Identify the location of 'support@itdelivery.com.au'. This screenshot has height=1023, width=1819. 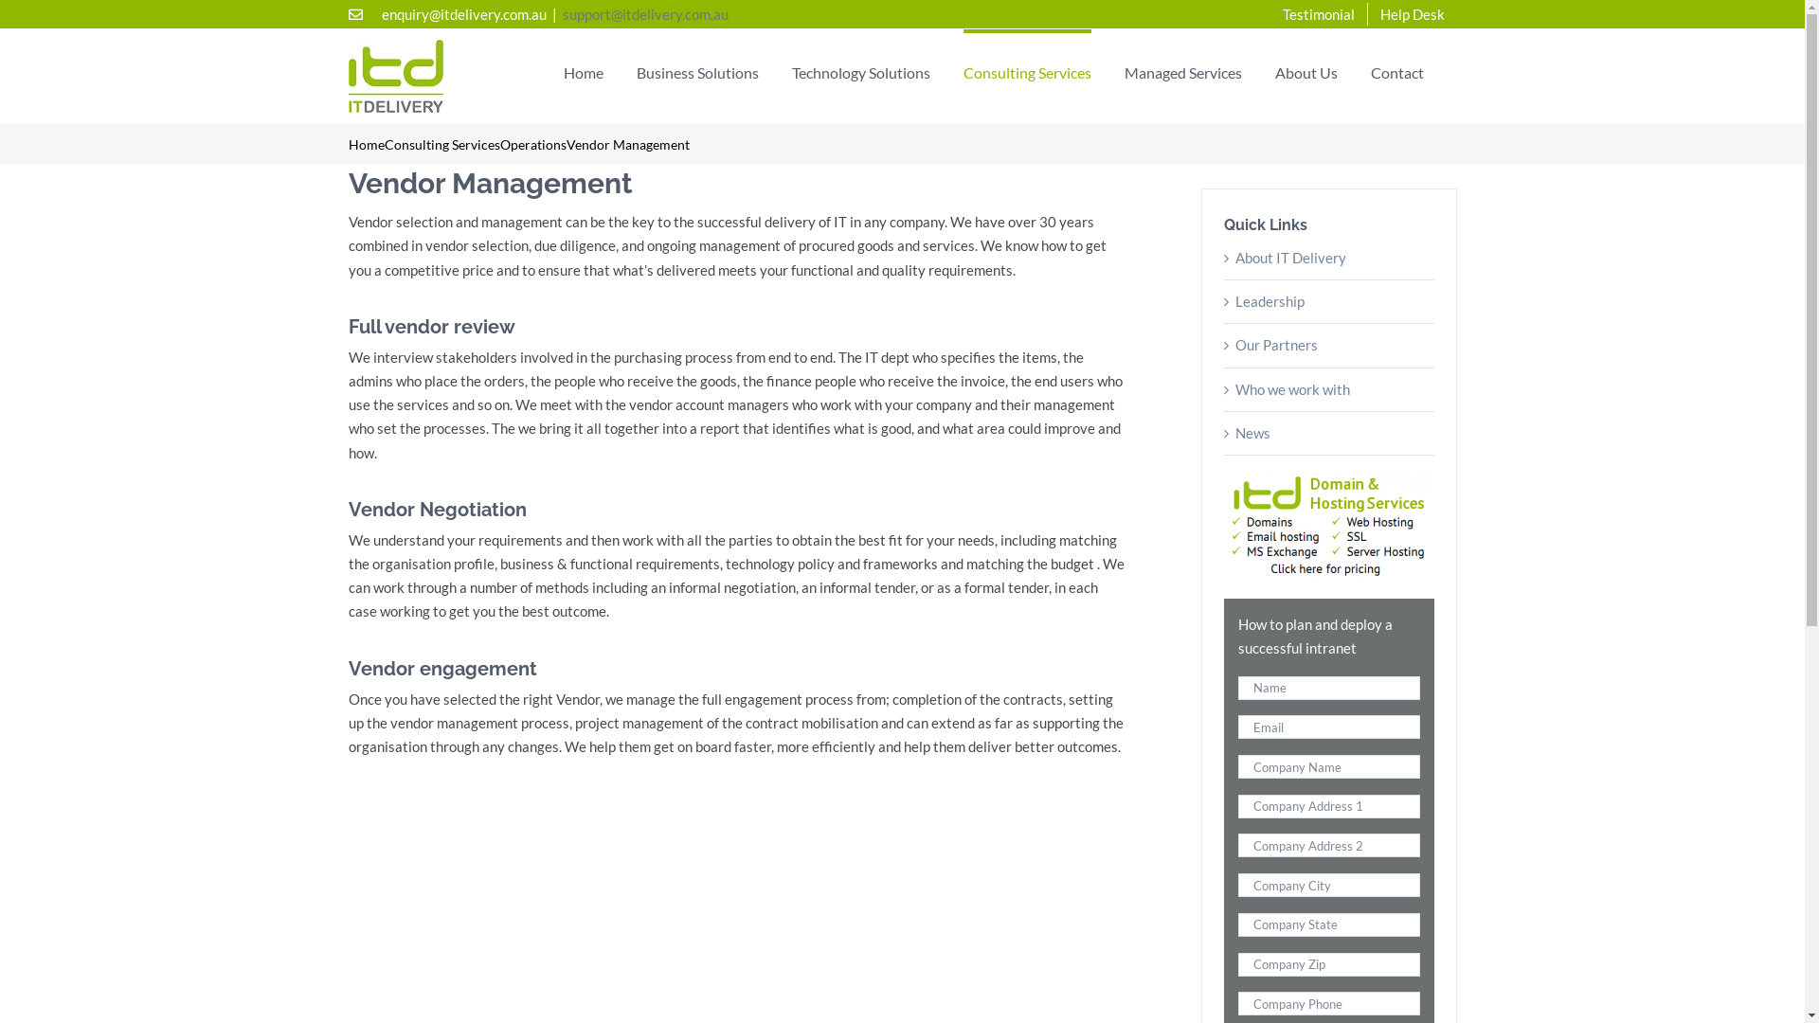
(645, 14).